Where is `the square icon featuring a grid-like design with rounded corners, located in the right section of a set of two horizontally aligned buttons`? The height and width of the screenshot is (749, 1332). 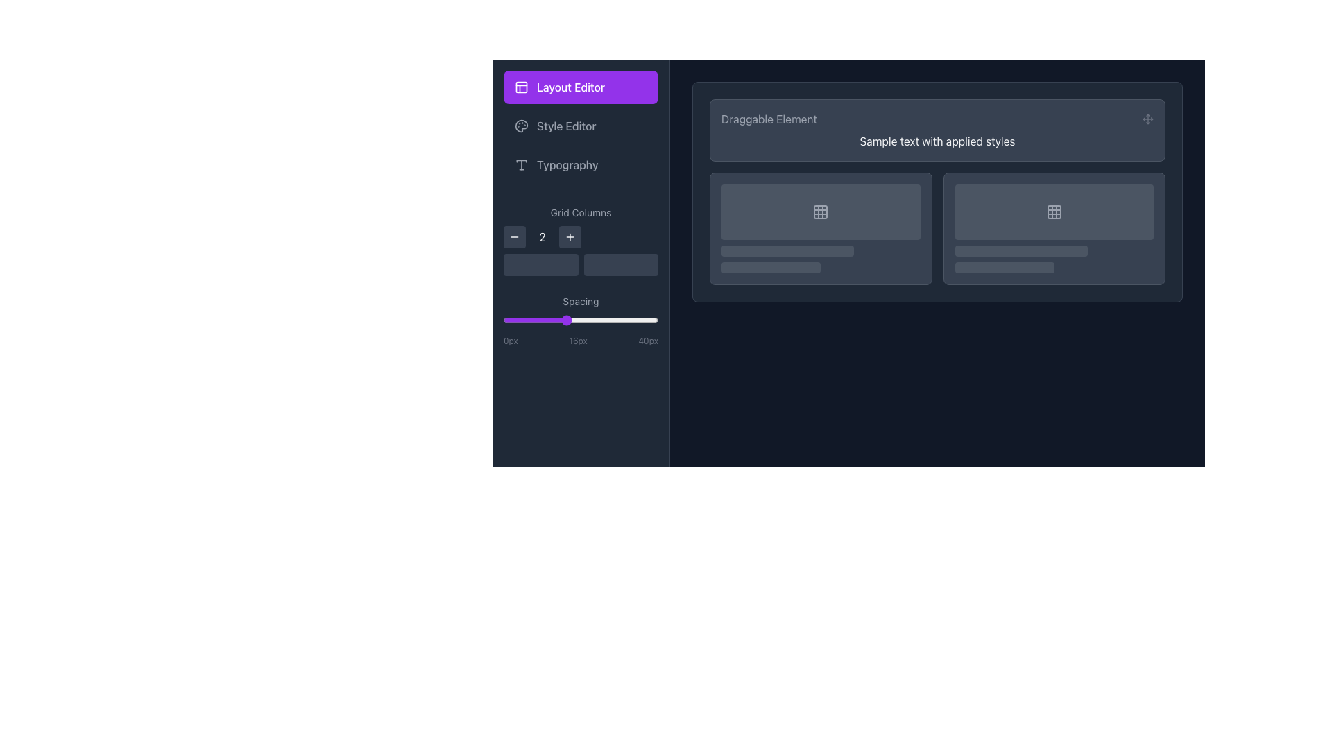 the square icon featuring a grid-like design with rounded corners, located in the right section of a set of two horizontally aligned buttons is located at coordinates (821, 212).